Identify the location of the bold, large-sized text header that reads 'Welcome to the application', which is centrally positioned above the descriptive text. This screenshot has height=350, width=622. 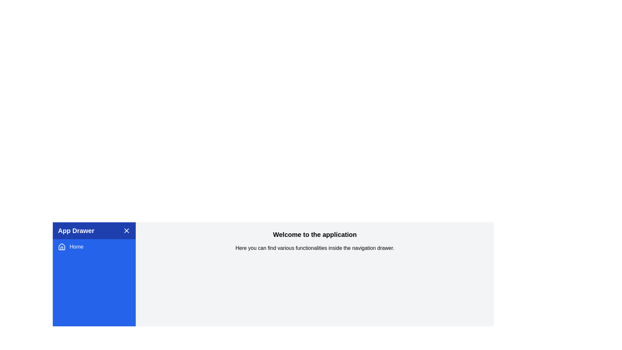
(315, 235).